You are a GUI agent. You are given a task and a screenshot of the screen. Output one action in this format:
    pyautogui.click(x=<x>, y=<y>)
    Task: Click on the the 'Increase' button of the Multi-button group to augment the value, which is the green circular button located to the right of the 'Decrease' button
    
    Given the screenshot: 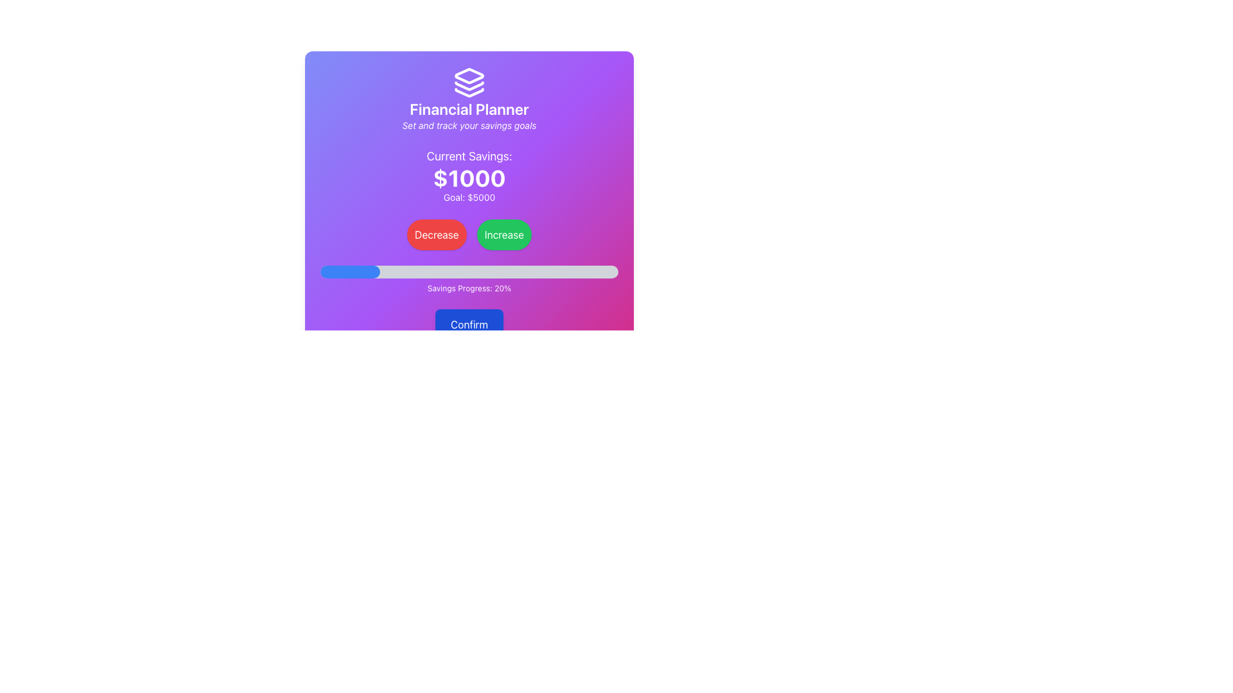 What is the action you would take?
    pyautogui.click(x=468, y=235)
    